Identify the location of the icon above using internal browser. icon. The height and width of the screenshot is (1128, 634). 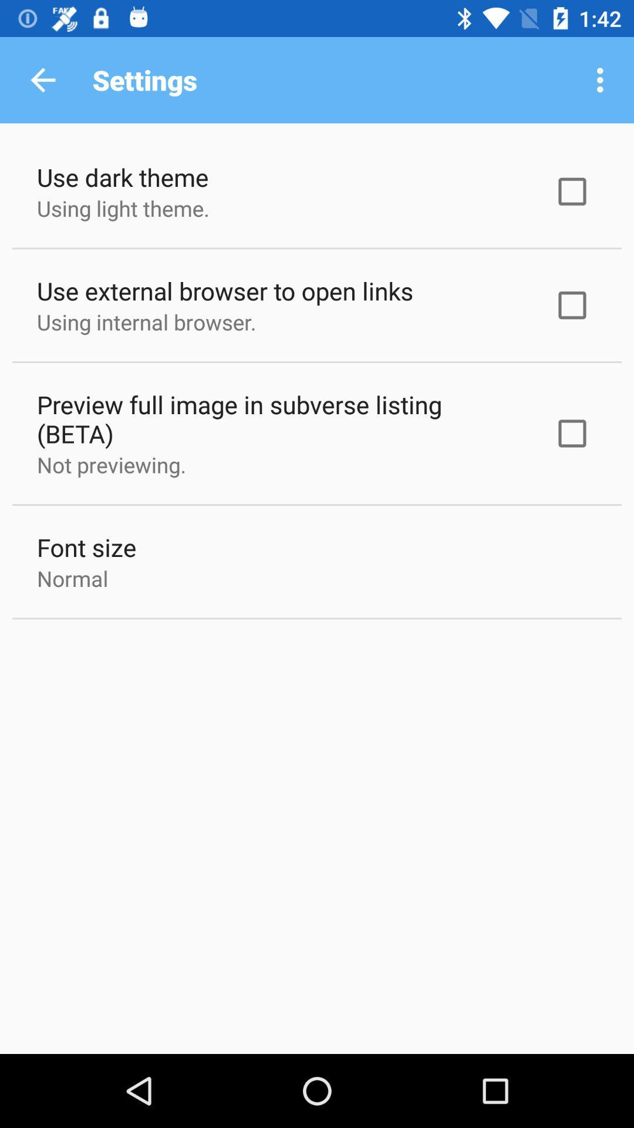
(225, 290).